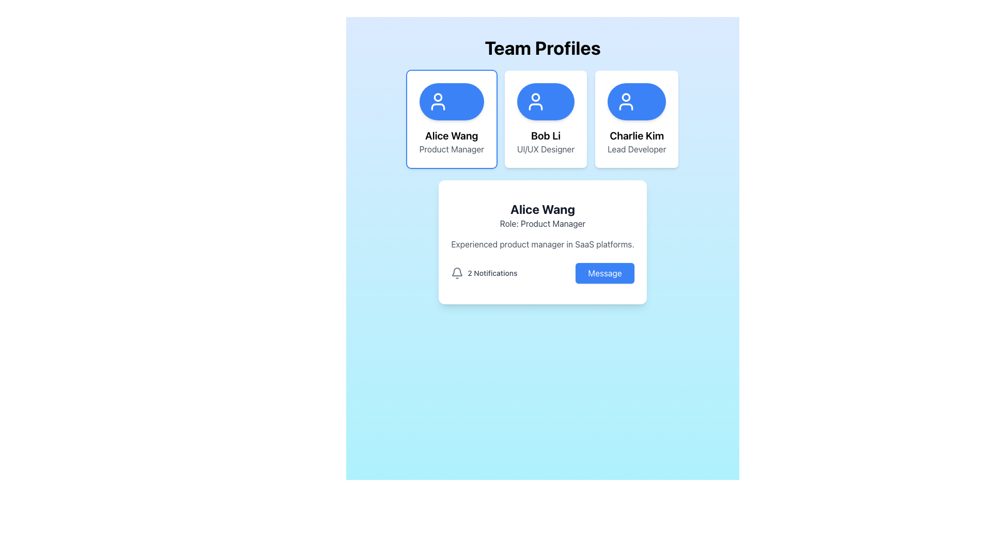 The image size is (992, 558). What do you see at coordinates (626, 101) in the screenshot?
I see `the profile picture icon representing 'Charlie Kim' located in the third card under 'Team Profiles'` at bounding box center [626, 101].